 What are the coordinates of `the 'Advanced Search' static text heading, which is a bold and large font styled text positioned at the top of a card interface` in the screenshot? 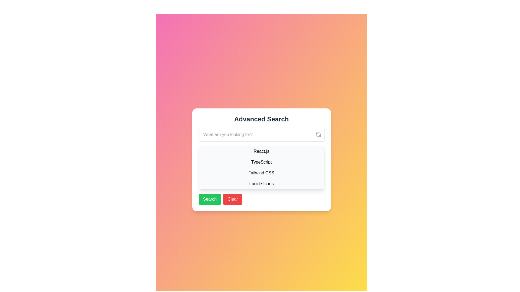 It's located at (261, 119).